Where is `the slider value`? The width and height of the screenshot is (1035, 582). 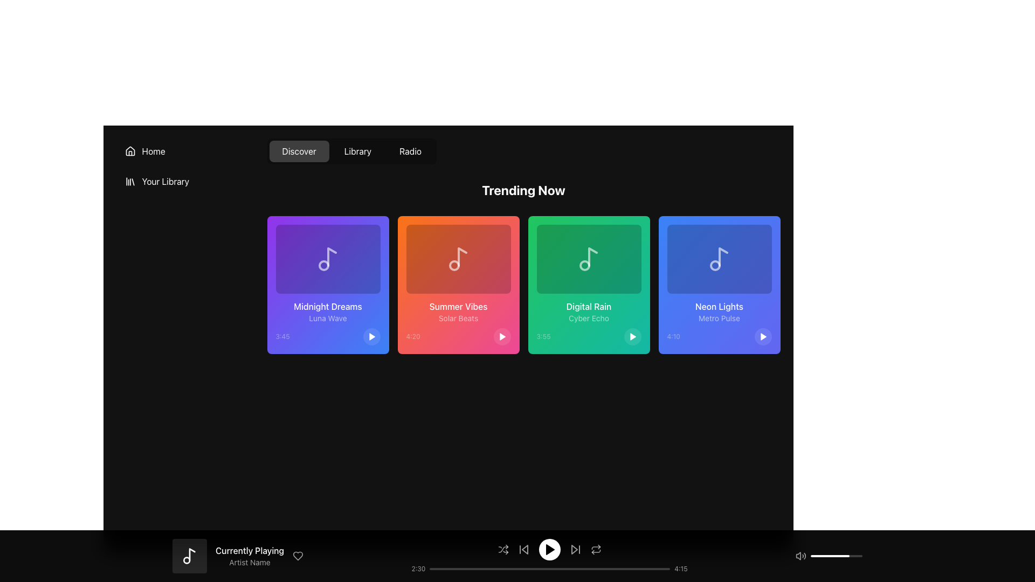 the slider value is located at coordinates (812, 556).